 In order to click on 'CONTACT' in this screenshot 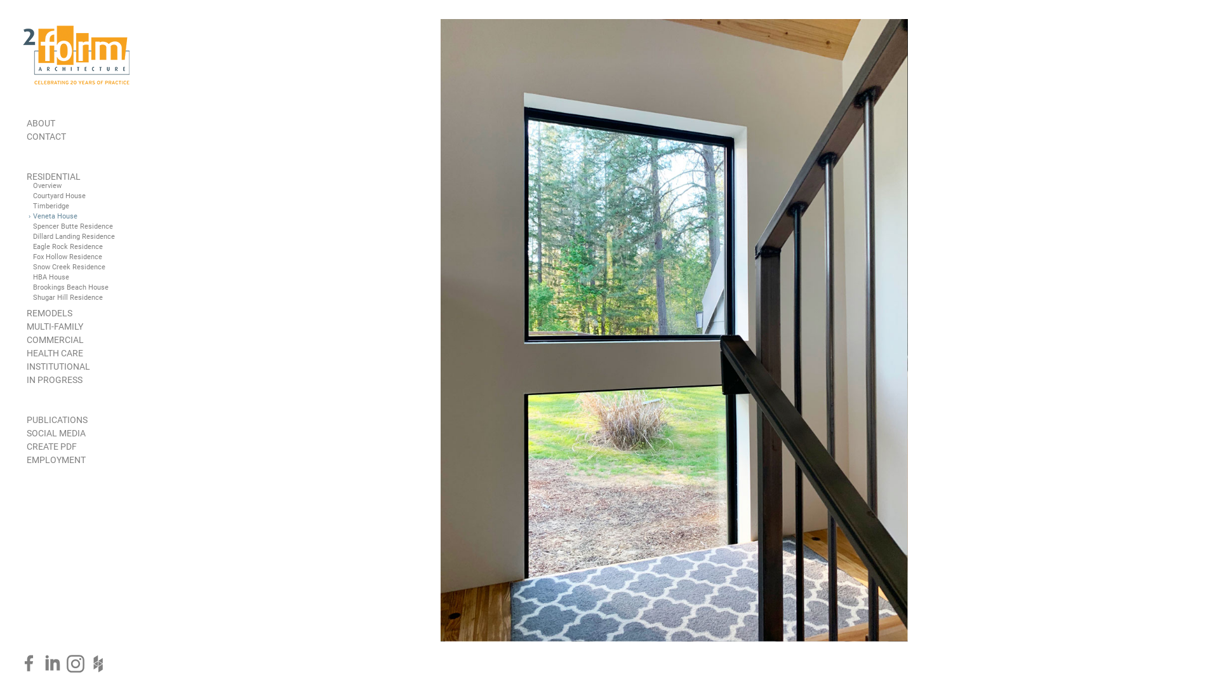, I will do `click(27, 137)`.